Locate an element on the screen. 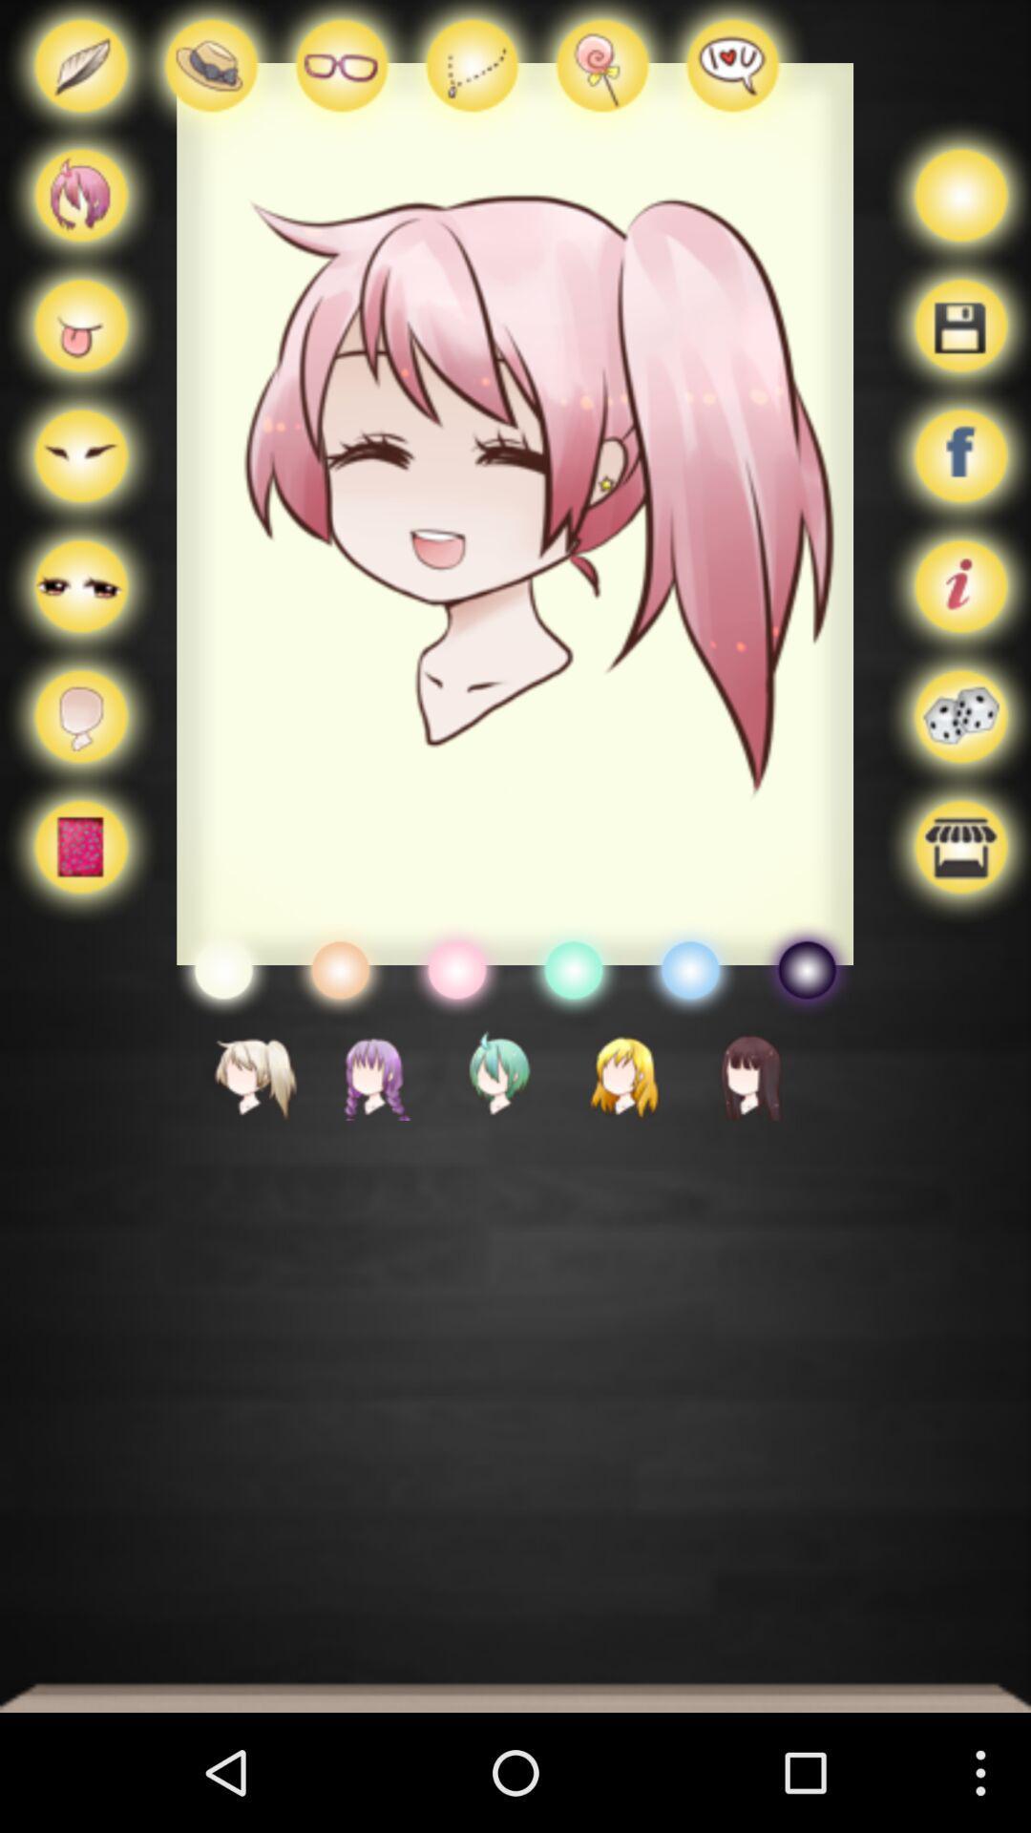 The width and height of the screenshot is (1031, 1833). the twitter icon is located at coordinates (221, 1037).